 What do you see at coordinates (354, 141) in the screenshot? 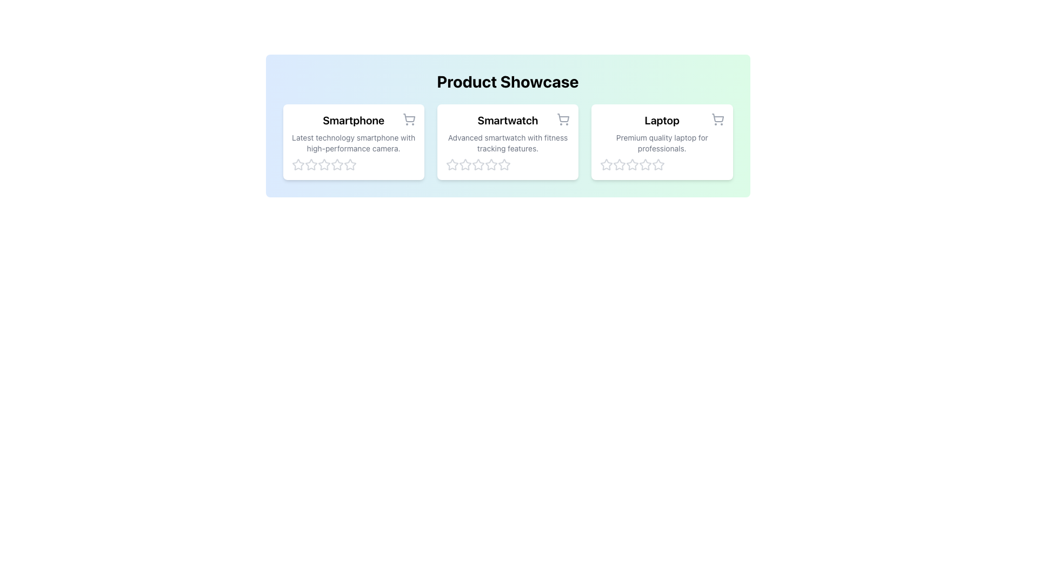
I see `the individual stars in the rating section of the first smartphone informational card located below the 'Product Showcase' title` at bounding box center [354, 141].